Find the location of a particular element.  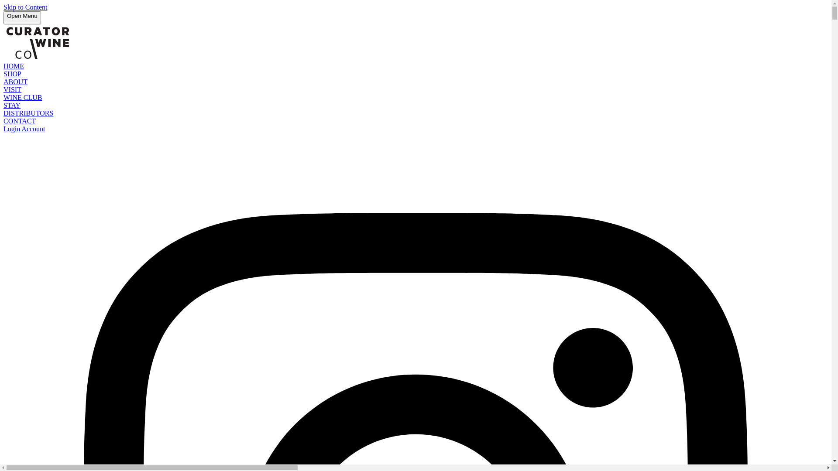

'CONTACT' is located at coordinates (3, 121).